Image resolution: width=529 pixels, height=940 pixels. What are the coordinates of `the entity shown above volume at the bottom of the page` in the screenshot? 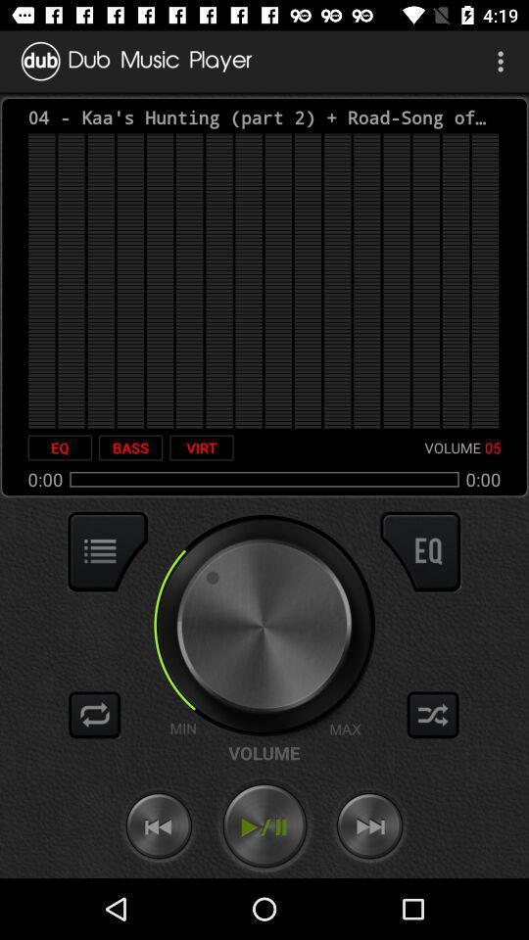 It's located at (264, 625).